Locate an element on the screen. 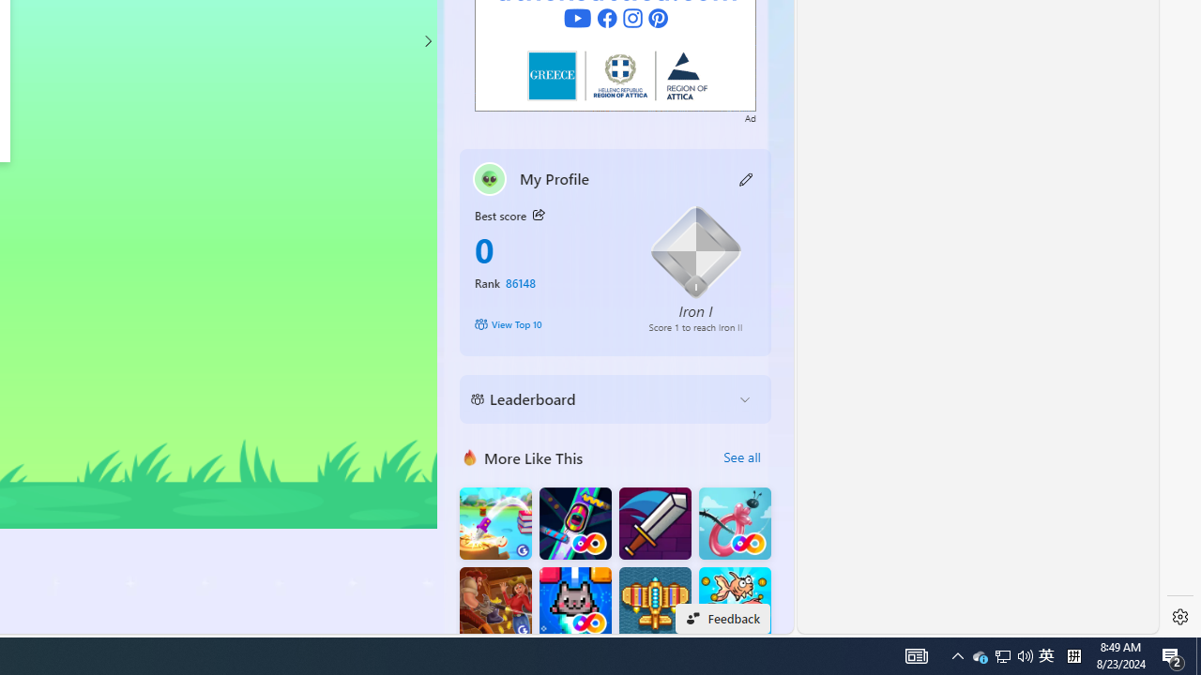  '""' is located at coordinates (490, 178).